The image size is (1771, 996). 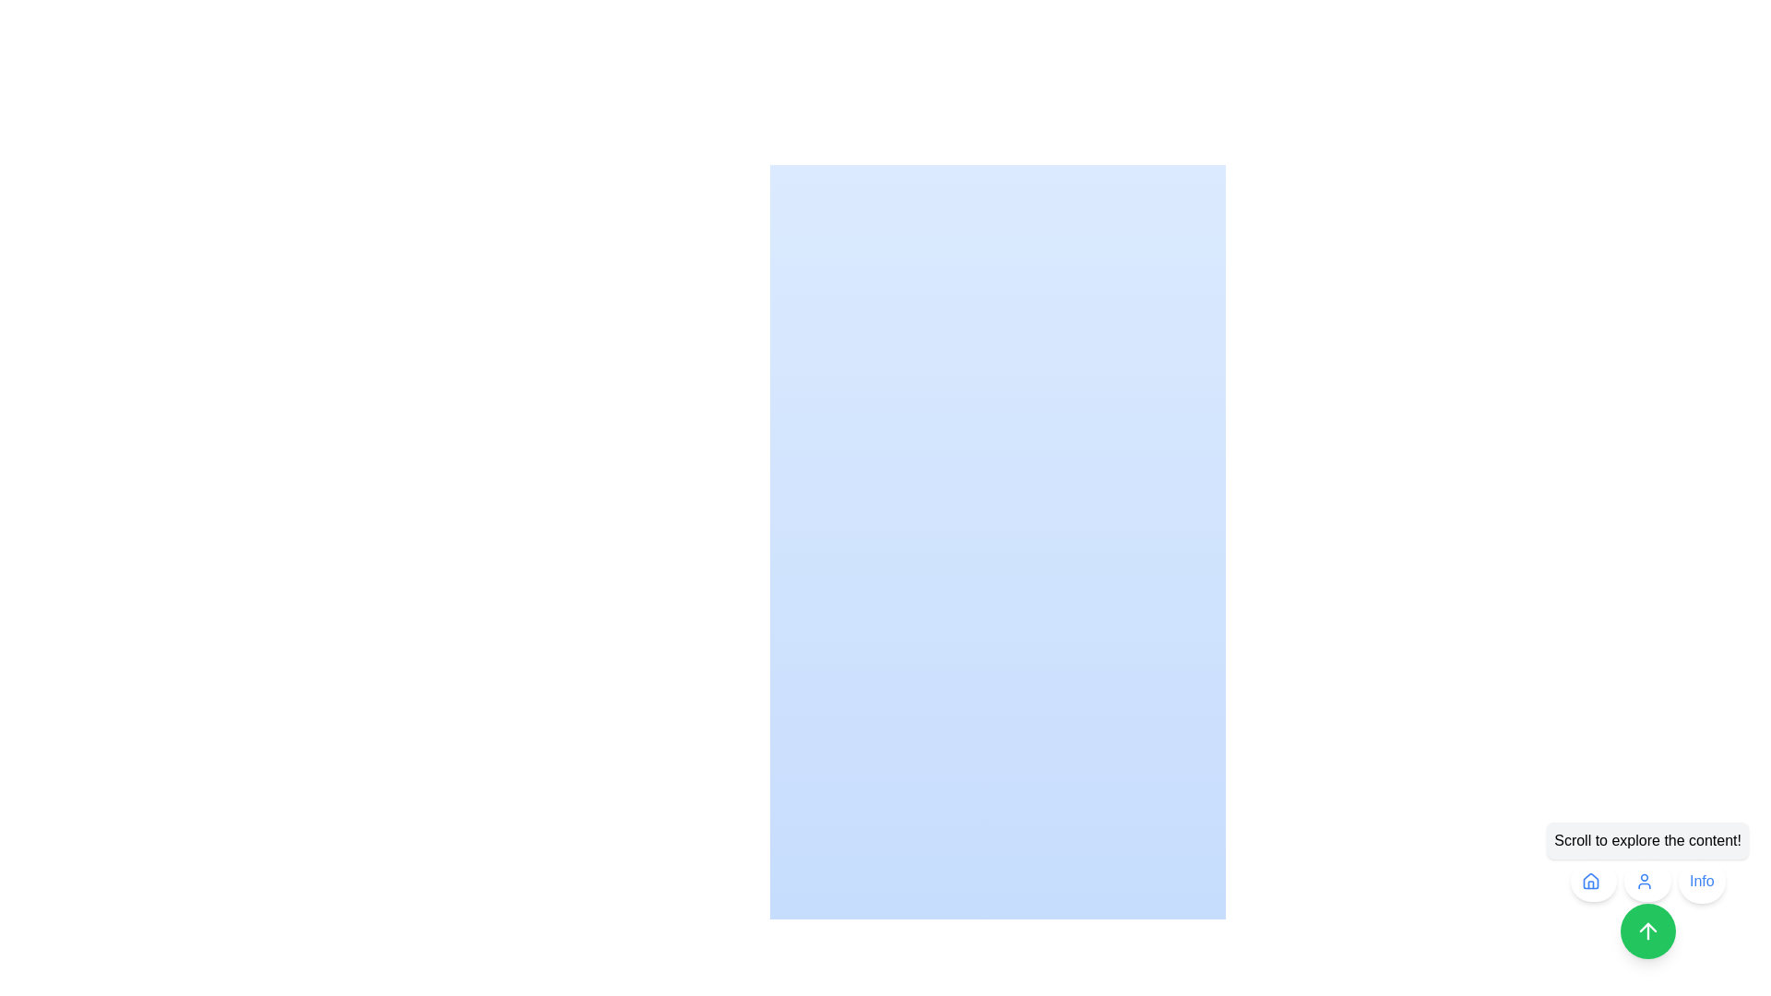 What do you see at coordinates (1647, 881) in the screenshot?
I see `the interactive button associated with user profile or account actions` at bounding box center [1647, 881].